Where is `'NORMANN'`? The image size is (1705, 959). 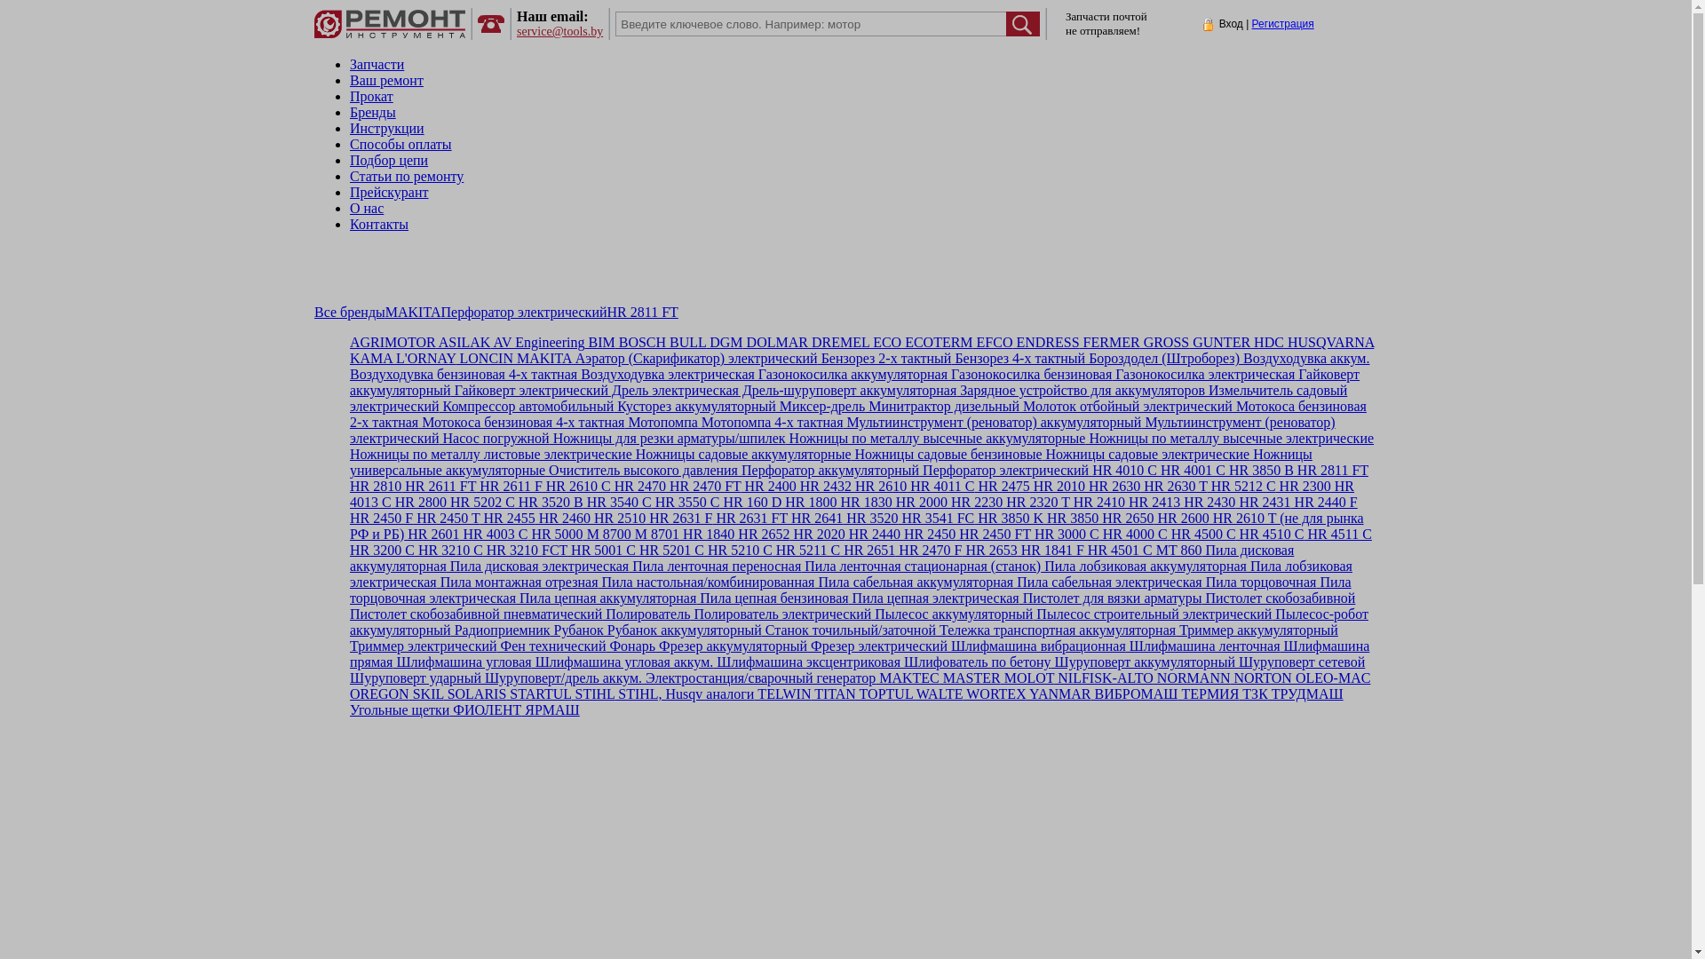
'NORMANN' is located at coordinates (1192, 678).